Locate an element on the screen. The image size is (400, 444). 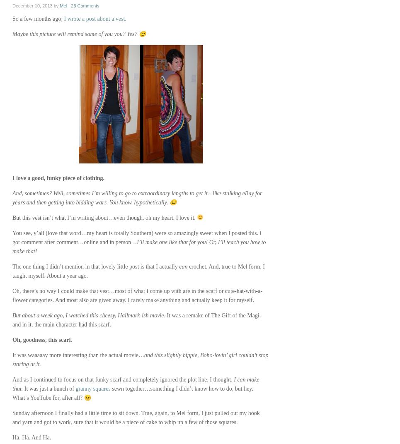
'25 Comments' is located at coordinates (70, 5).